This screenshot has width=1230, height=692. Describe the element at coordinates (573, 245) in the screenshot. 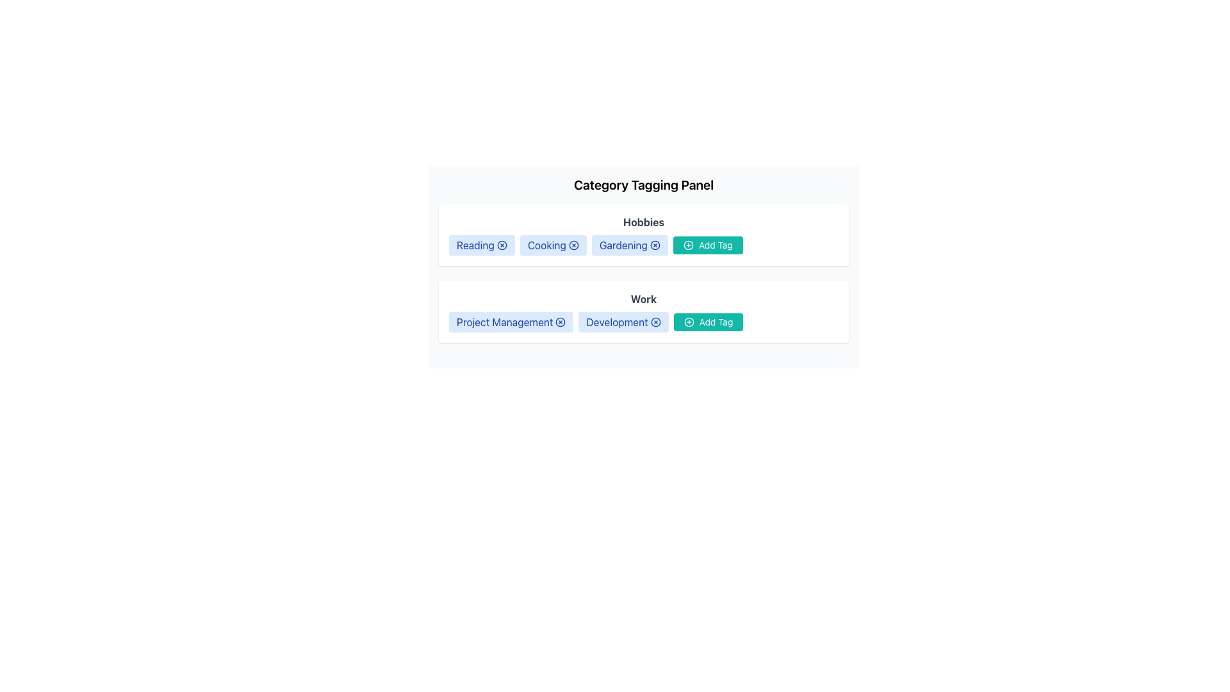

I see `the Circle-button with a cross inside, located in the 'Cooking' tag under the 'Hobbies' section` at that location.